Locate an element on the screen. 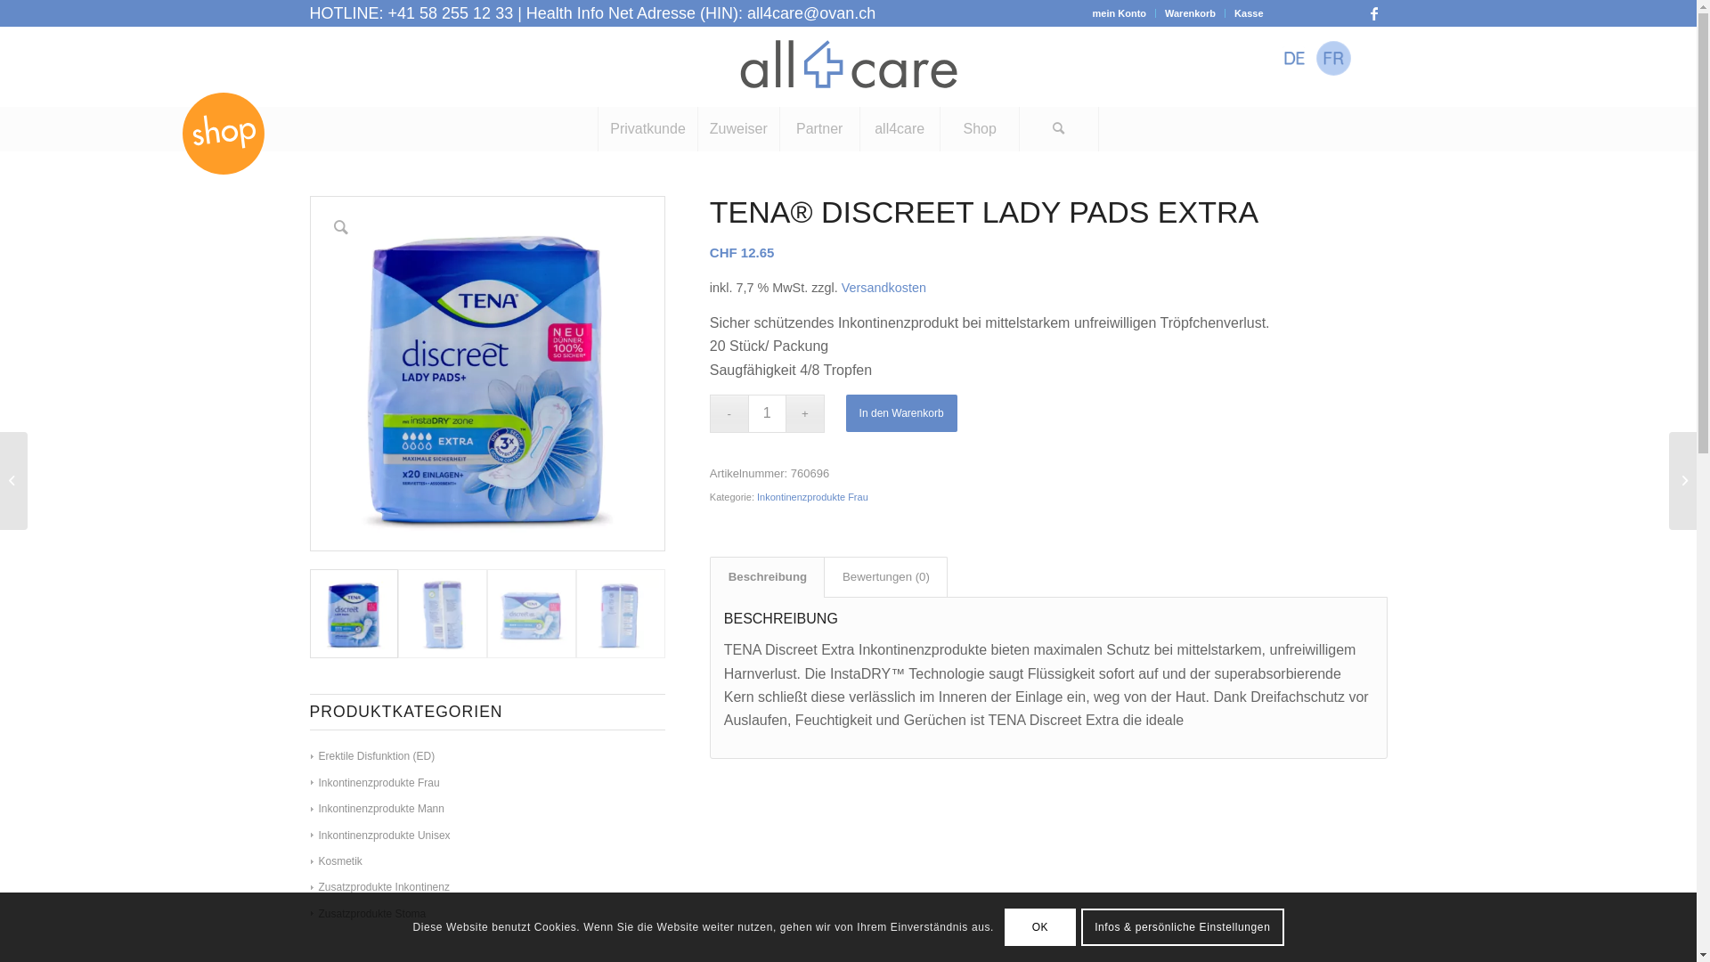  'Versandkosten' is located at coordinates (841, 287).